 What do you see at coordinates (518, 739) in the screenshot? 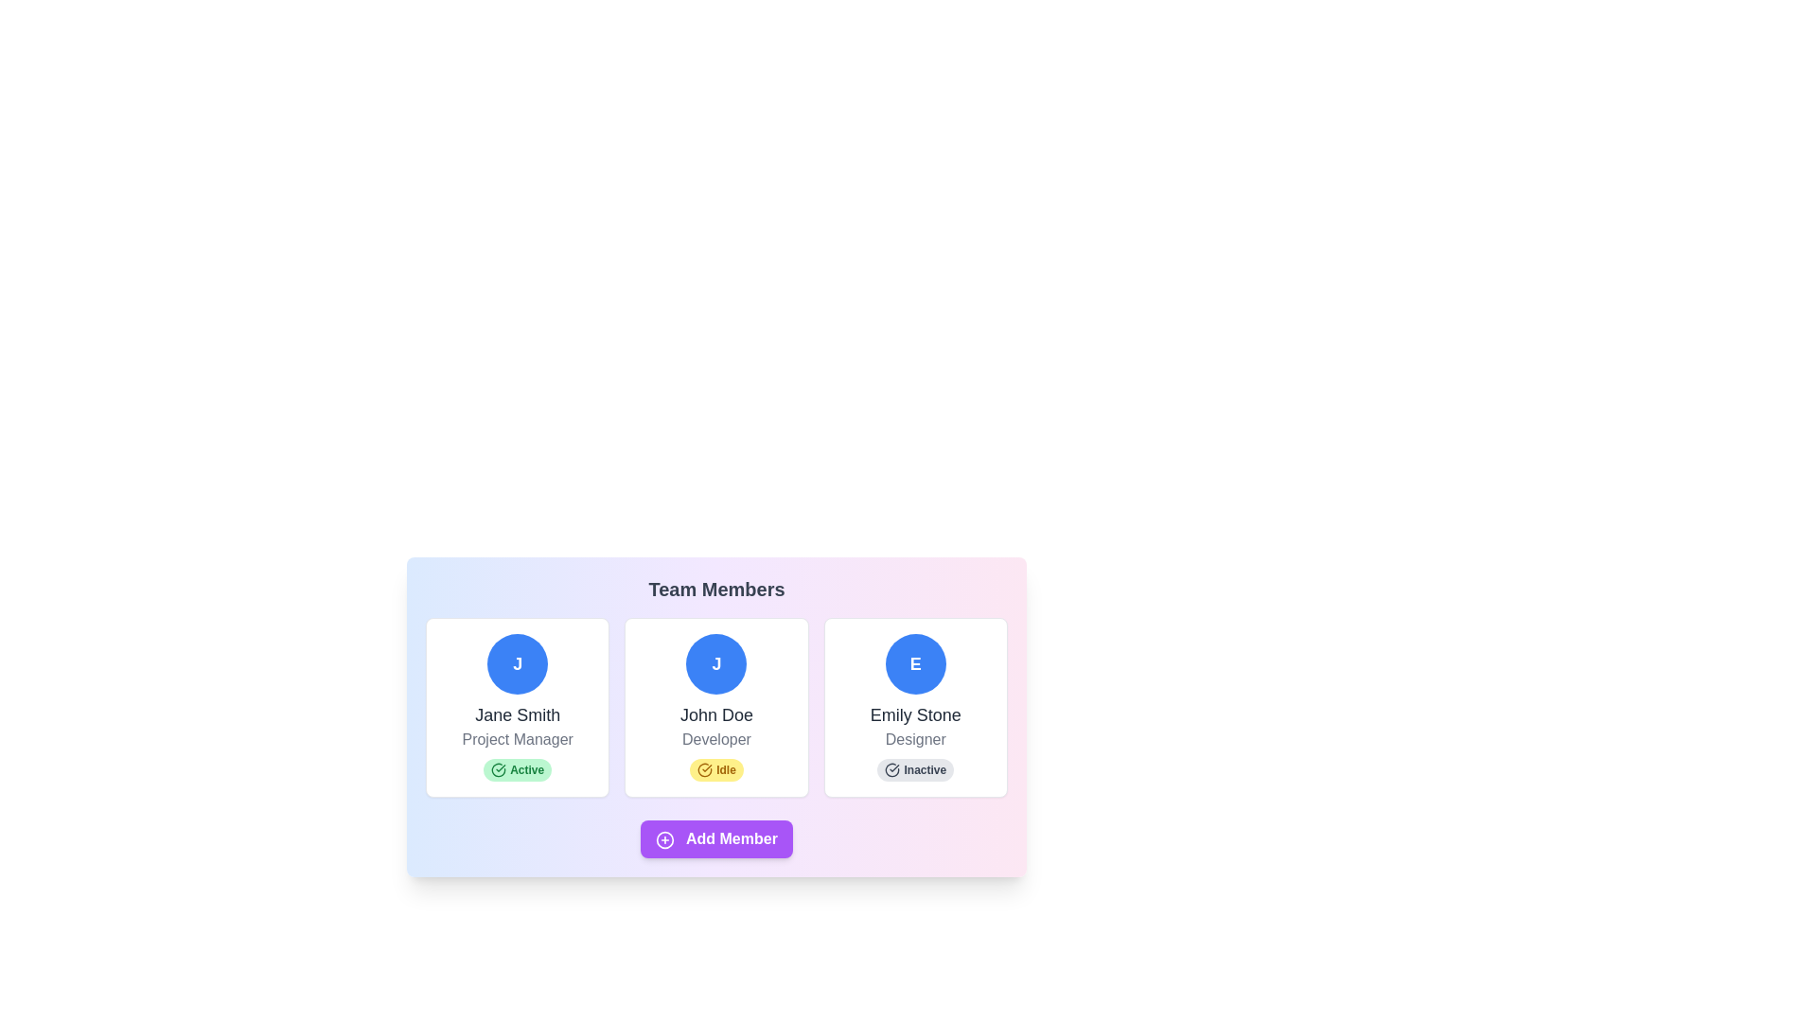
I see `the text label indicating the role or title (Project Manager) associated with Jane Smith, located centrally within Jane Smith's card, beneath the name and above the status indicator badge` at bounding box center [518, 739].